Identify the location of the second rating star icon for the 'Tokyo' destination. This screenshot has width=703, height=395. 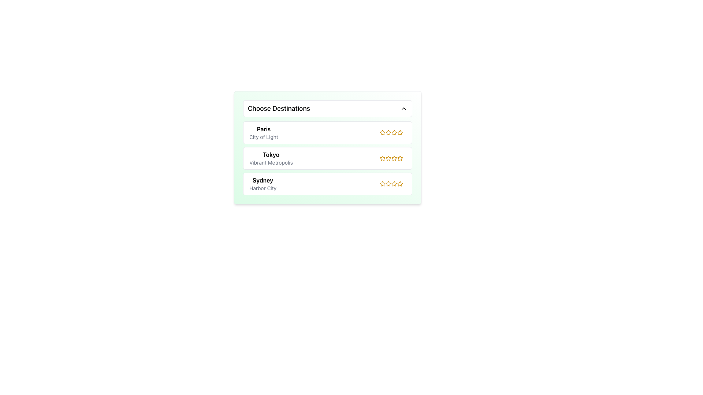
(388, 158).